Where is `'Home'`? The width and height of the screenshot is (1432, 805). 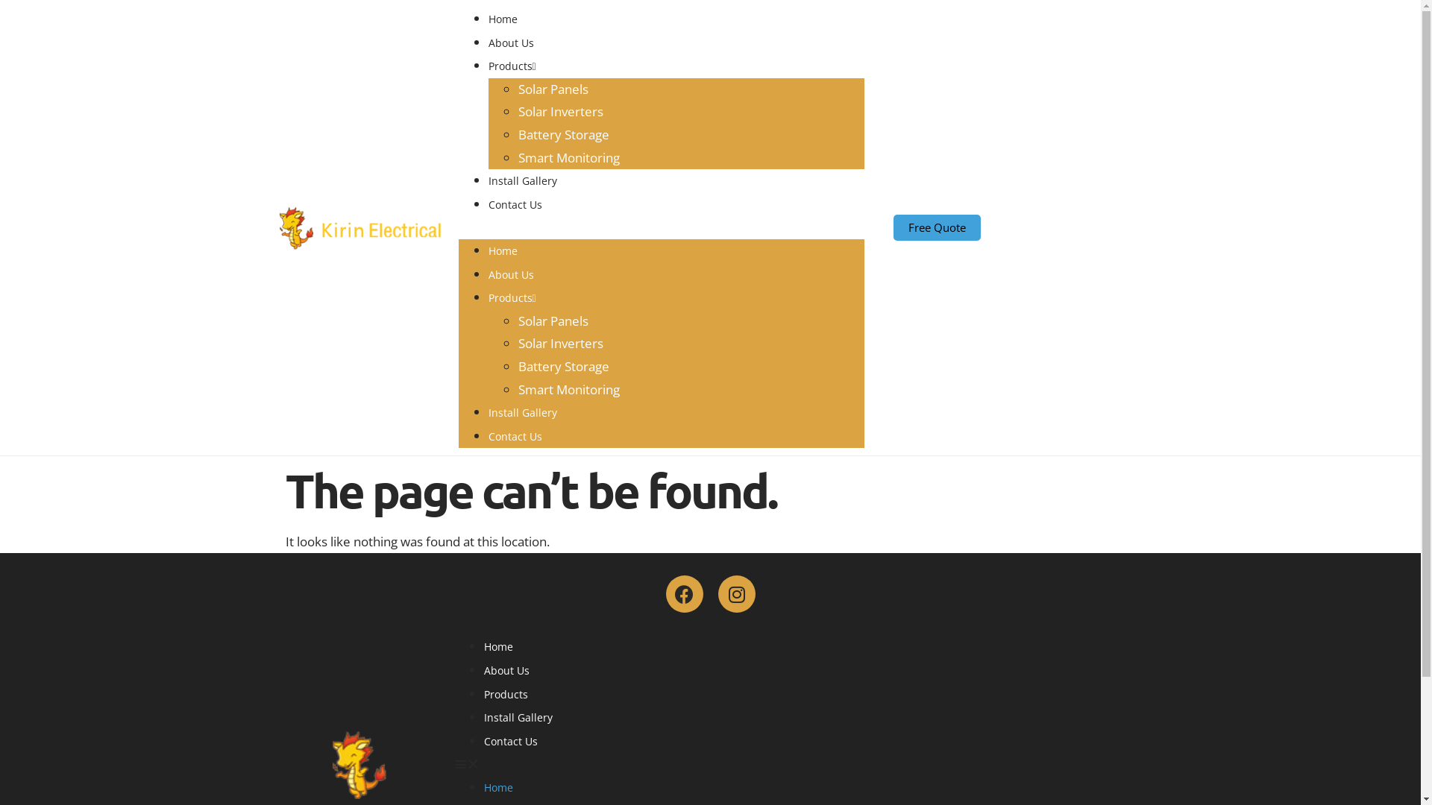
'Home' is located at coordinates (483, 786).